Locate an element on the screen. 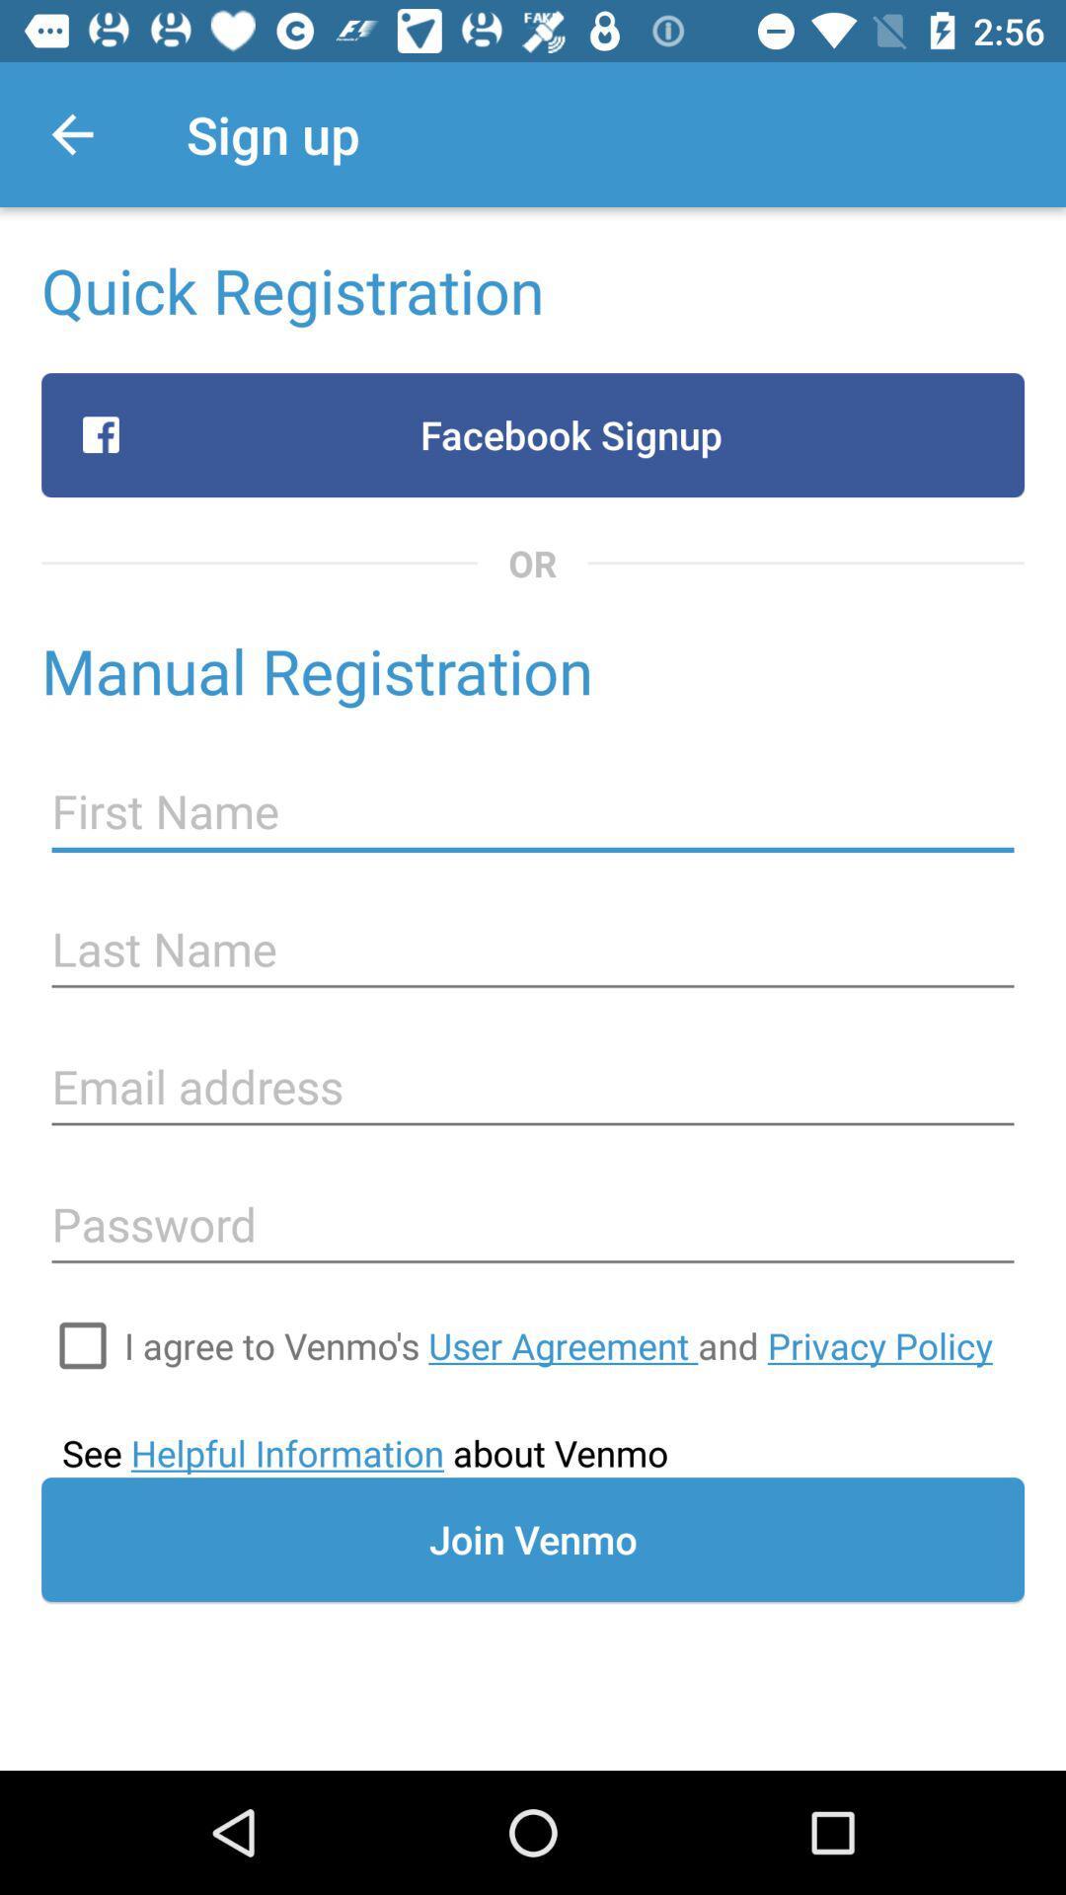 The width and height of the screenshot is (1066, 1895). the icon above see helpful information icon is located at coordinates (558, 1344).